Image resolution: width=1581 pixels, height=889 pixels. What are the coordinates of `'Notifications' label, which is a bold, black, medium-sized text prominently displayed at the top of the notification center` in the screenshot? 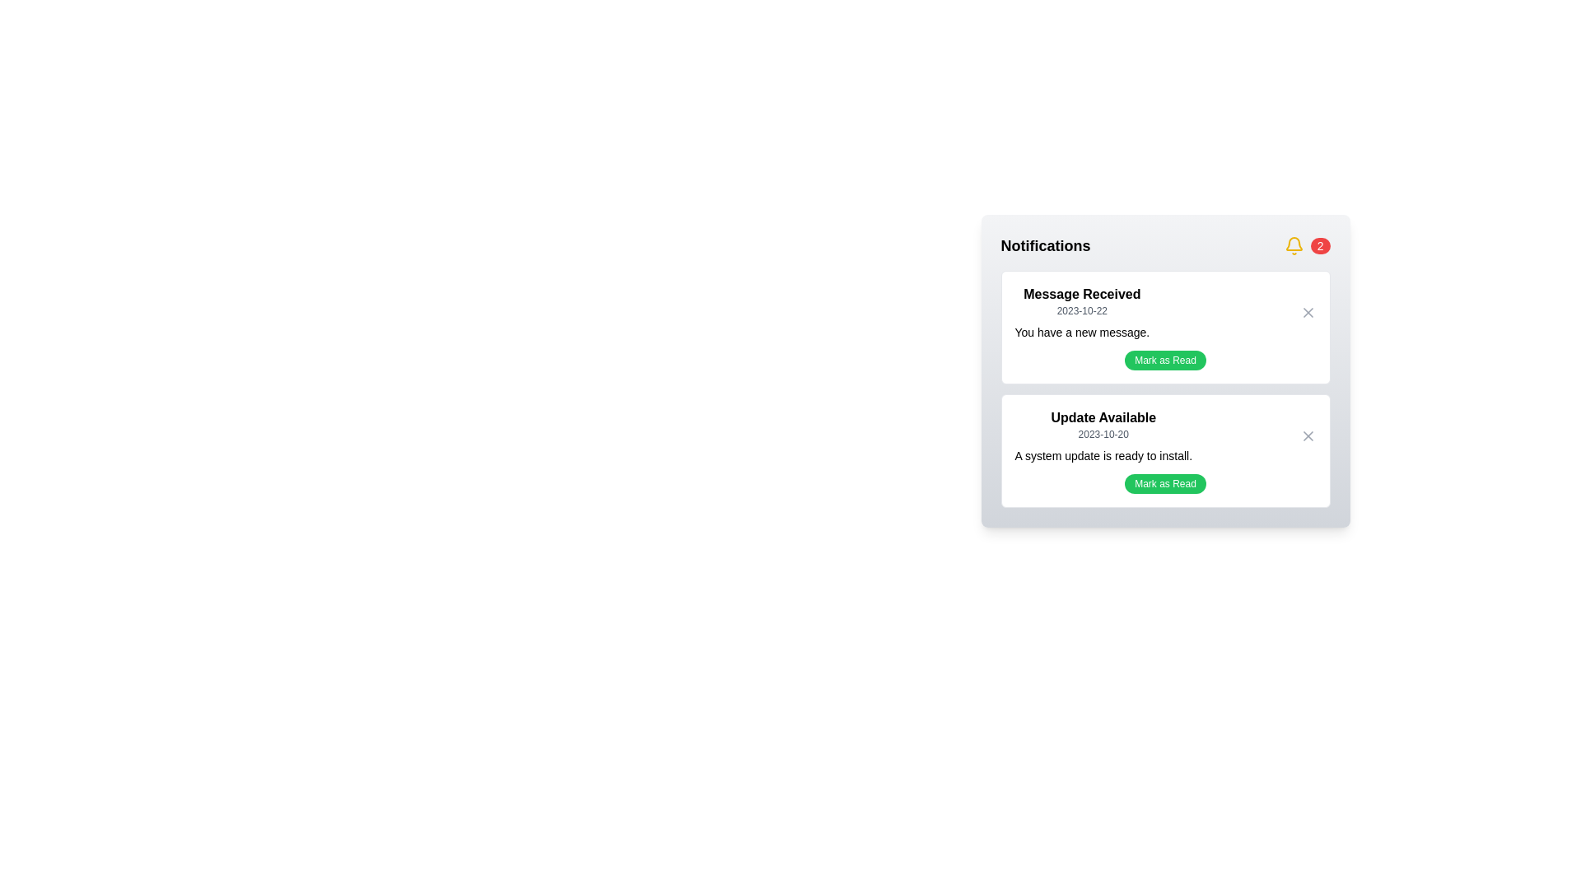 It's located at (1045, 246).